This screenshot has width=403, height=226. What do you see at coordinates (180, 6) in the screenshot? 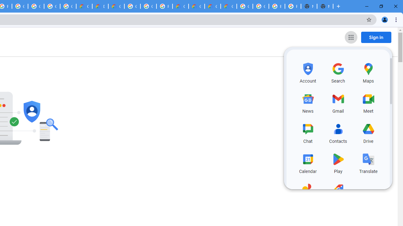
I see `'Customer Care | Google Cloud'` at bounding box center [180, 6].